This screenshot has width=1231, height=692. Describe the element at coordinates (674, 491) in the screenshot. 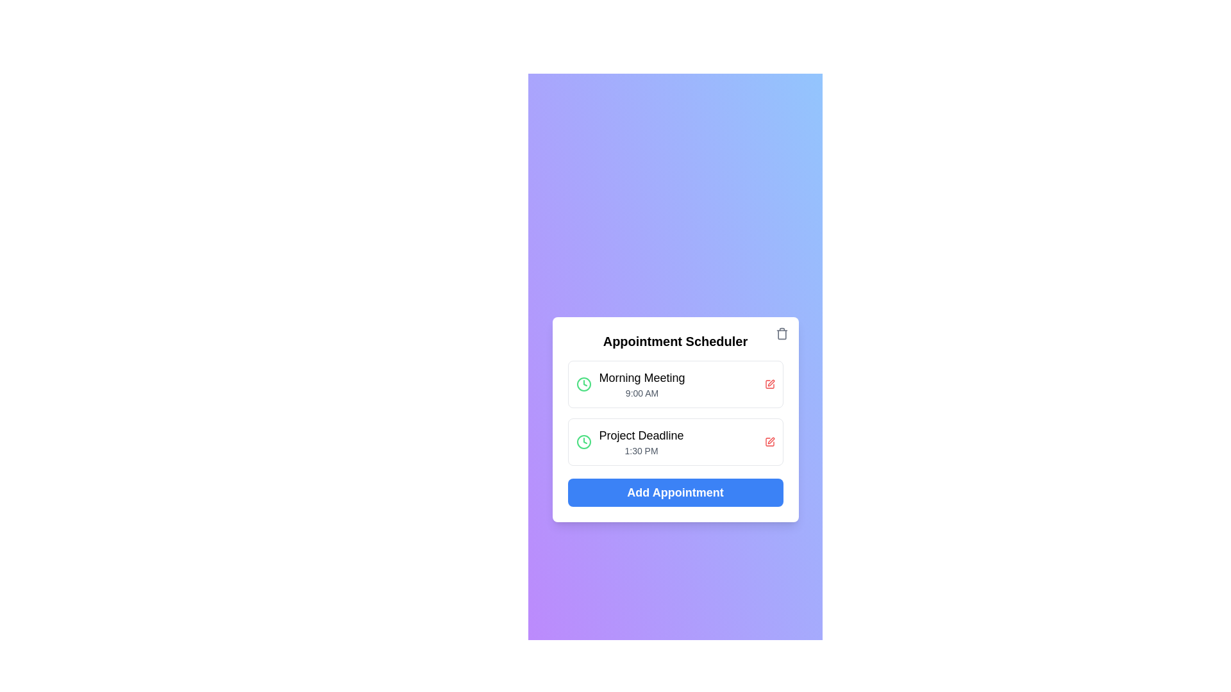

I see `the button that opens the new appointment form in the Appointment Scheduler interface for keyboard interaction` at that location.